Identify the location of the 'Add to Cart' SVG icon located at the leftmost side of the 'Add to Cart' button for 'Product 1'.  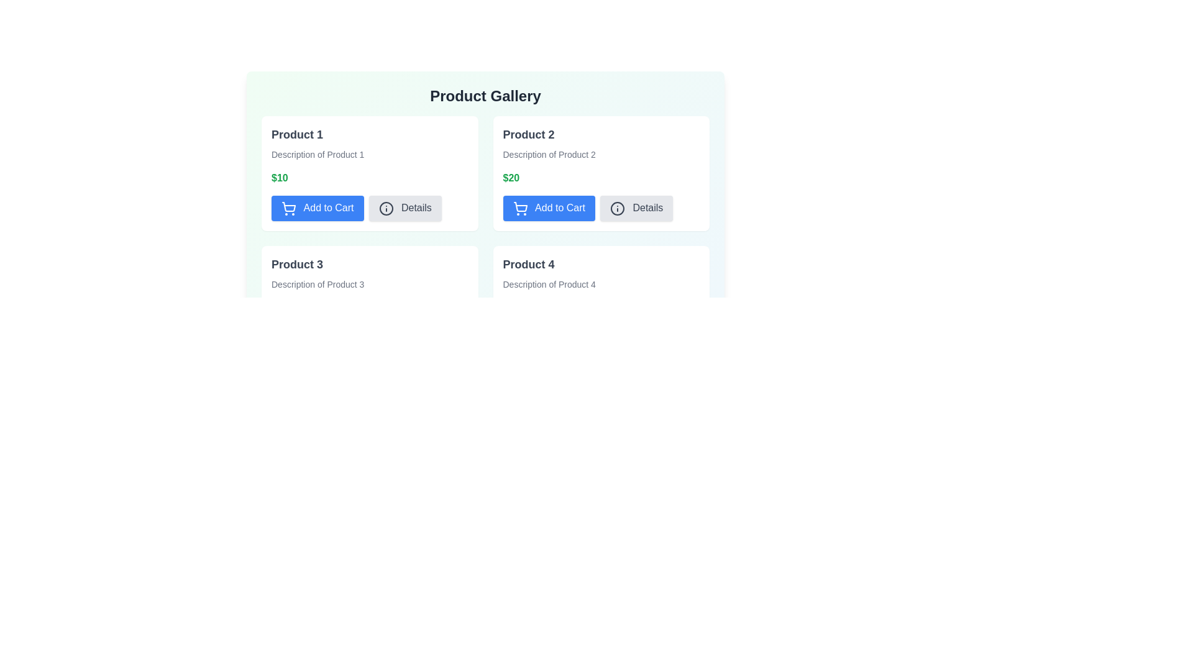
(288, 208).